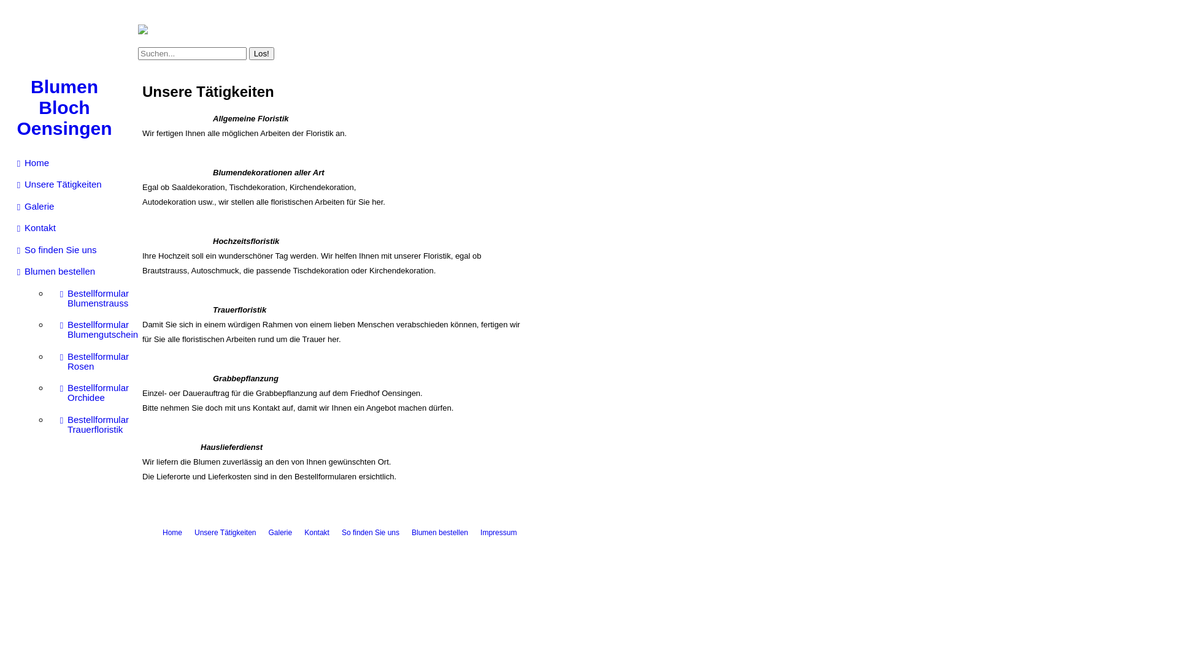 This screenshot has height=662, width=1178. What do you see at coordinates (498, 531) in the screenshot?
I see `'Impressum'` at bounding box center [498, 531].